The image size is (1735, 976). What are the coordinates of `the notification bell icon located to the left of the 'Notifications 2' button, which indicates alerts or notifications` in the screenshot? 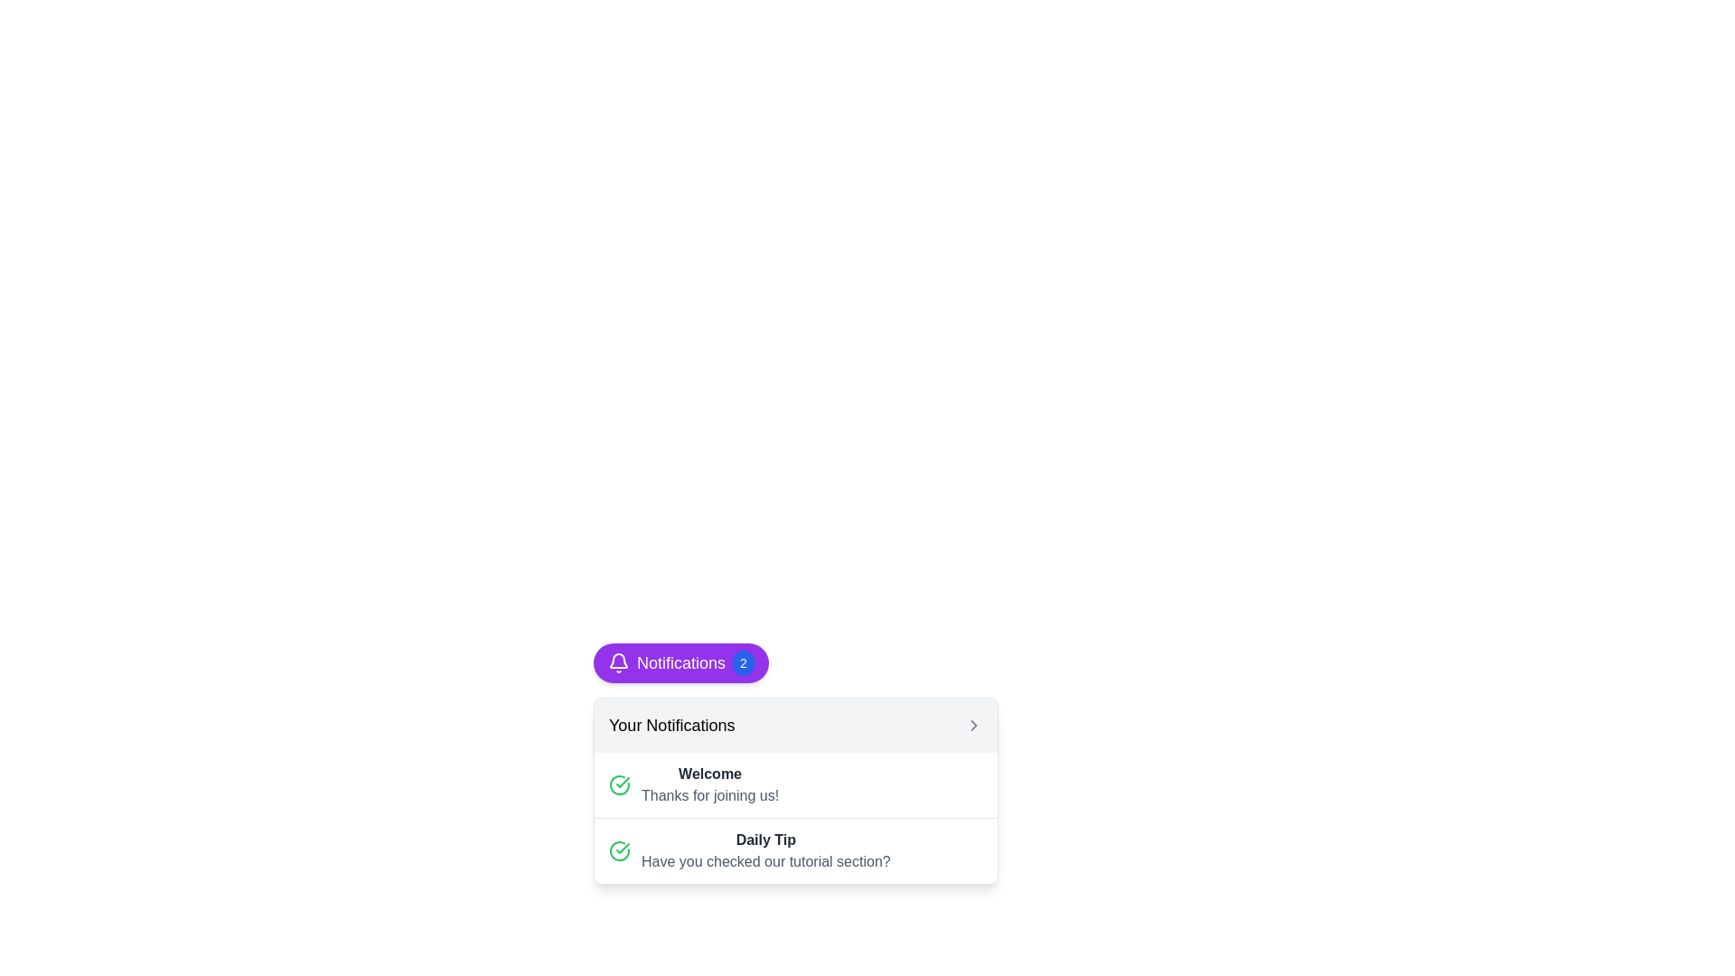 It's located at (619, 662).